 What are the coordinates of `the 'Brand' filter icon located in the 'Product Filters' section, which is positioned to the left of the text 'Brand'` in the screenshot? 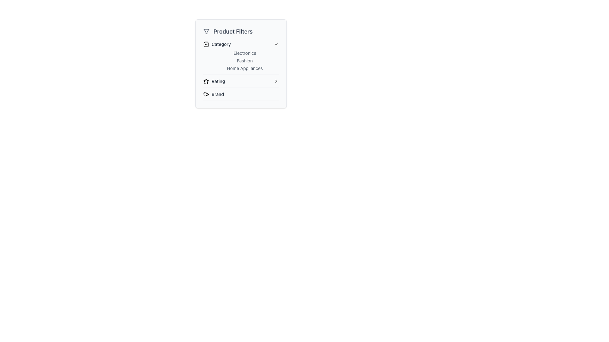 It's located at (206, 94).